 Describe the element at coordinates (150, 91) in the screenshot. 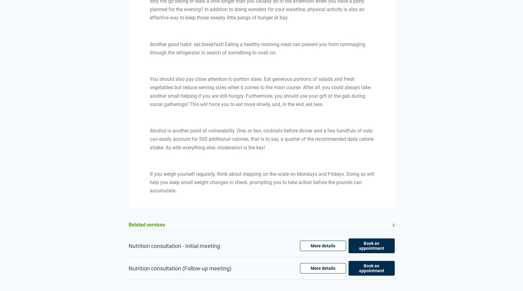

I see `'You should also pay close attention to portion sizes. Eat generous portions of salads and fresh vegetables but reduce serving sizes when it comes to the main course. After all, you could always take another small helping if you are still hungry. Furthermore, you should use your gift of the gab during social gatherings! This will force you to eat more slowly, and, in the end, eat less.'` at that location.